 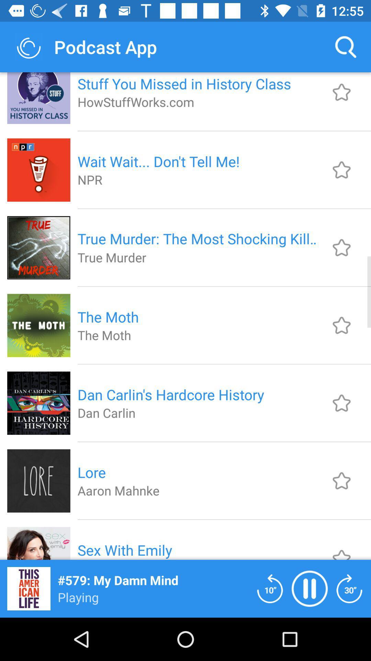 What do you see at coordinates (341, 548) in the screenshot?
I see `this should be under sub catagory` at bounding box center [341, 548].